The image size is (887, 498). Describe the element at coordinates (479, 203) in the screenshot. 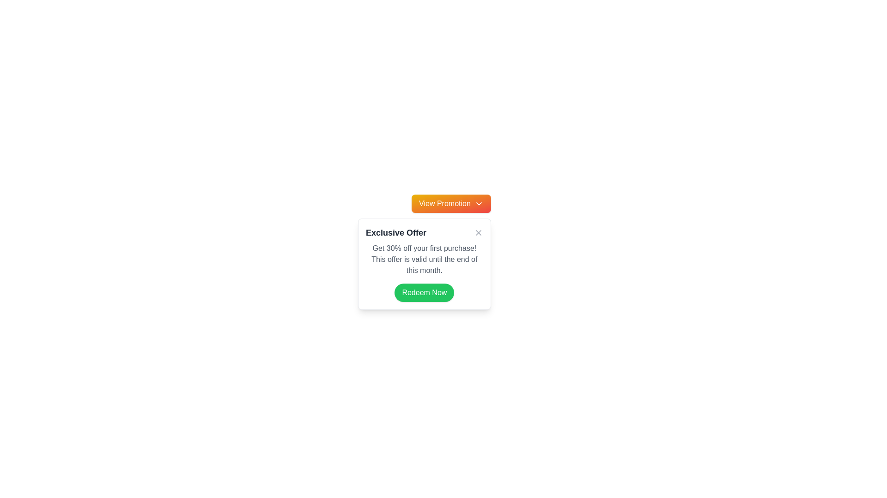

I see `the chevron-down icon located to the right of the 'View Promotion' button to interact with the dropdown options` at that location.